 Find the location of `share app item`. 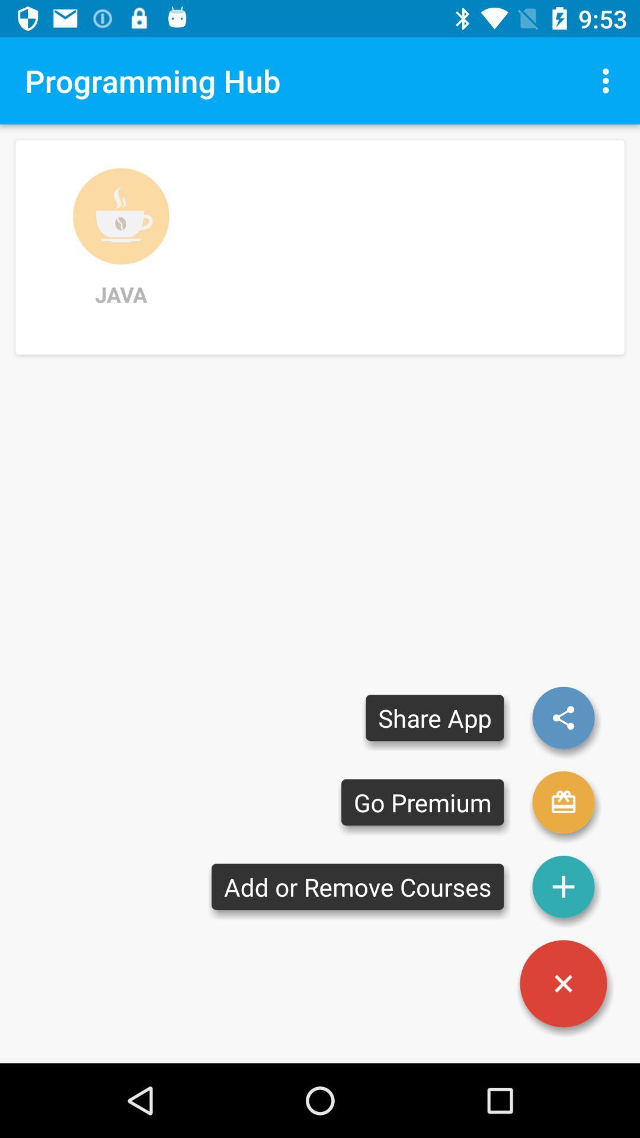

share app item is located at coordinates (434, 717).